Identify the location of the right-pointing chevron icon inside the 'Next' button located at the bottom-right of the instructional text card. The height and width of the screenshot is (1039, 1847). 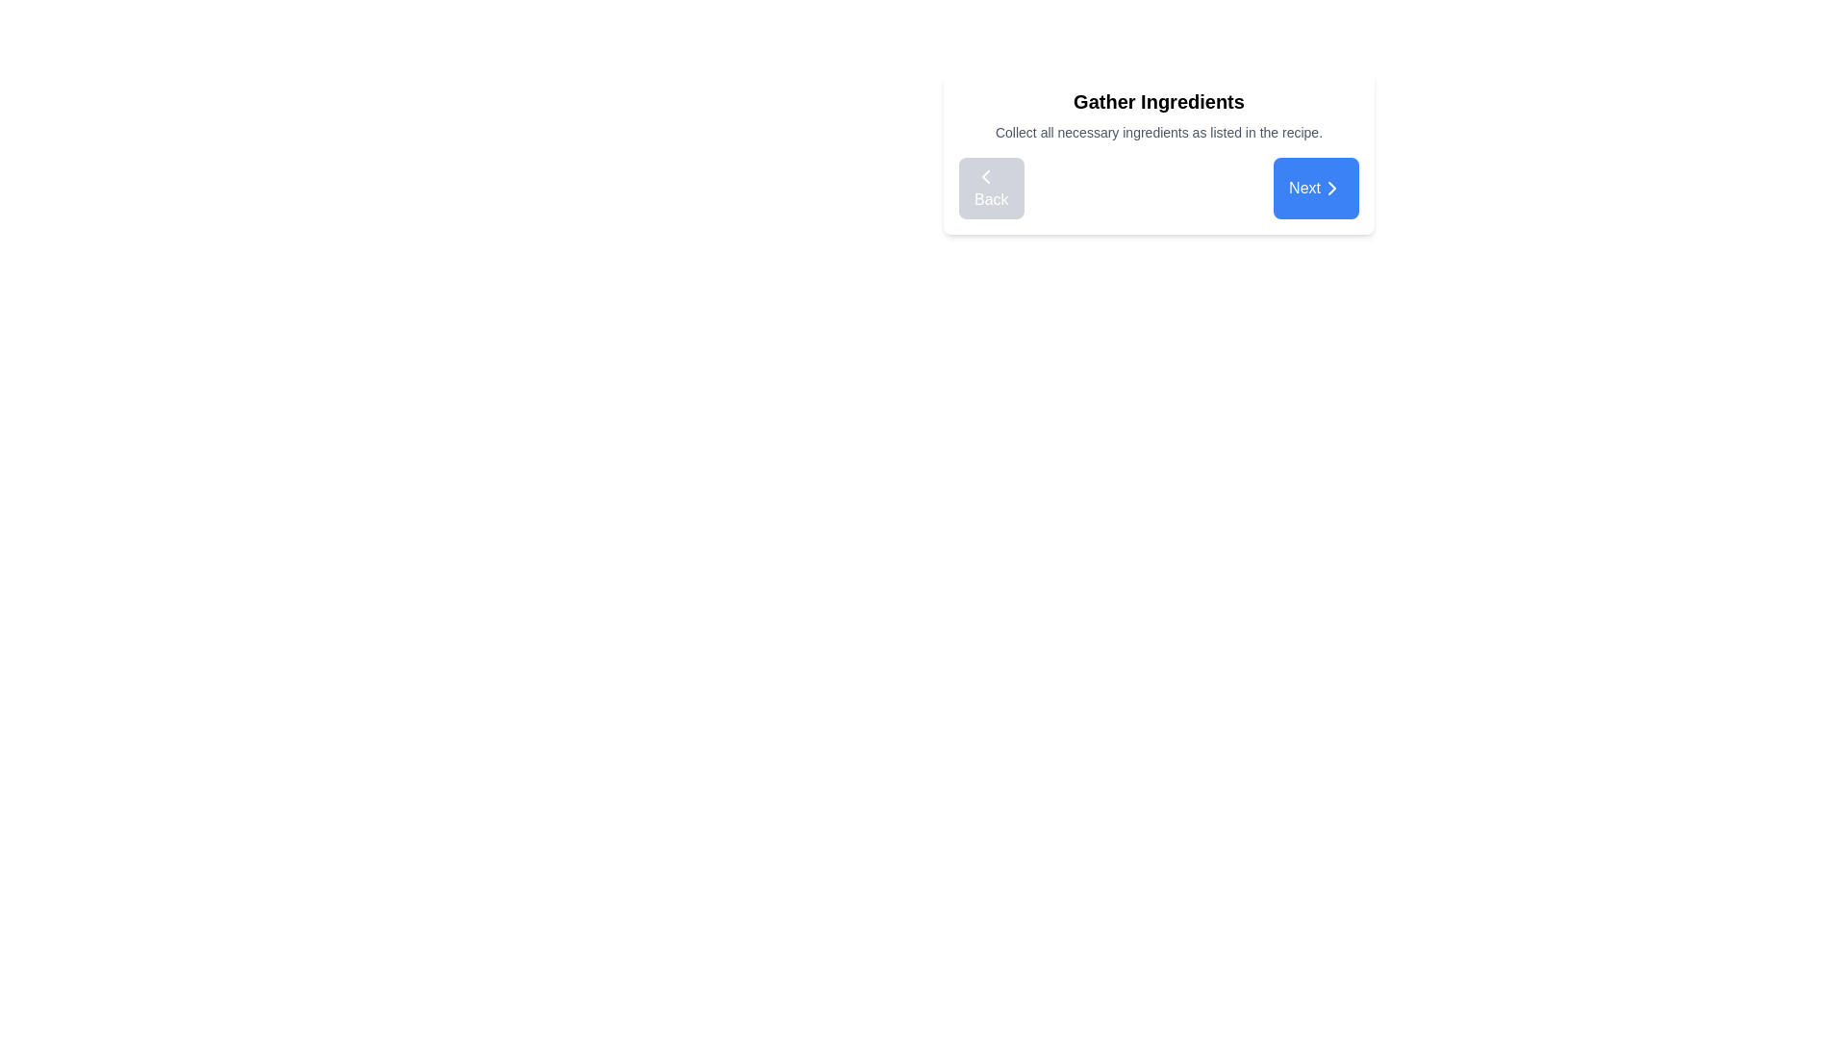
(1331, 189).